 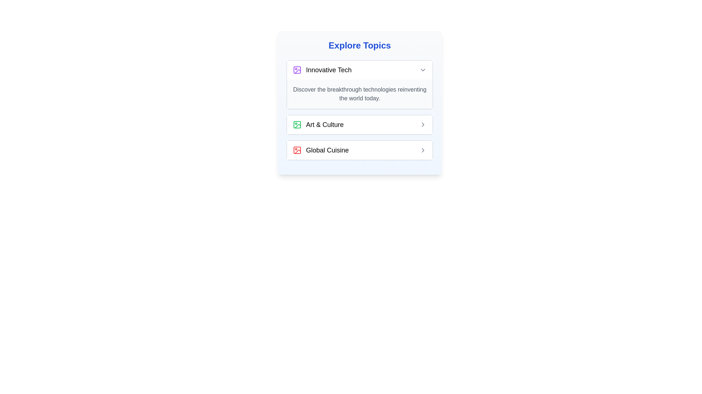 What do you see at coordinates (297, 124) in the screenshot?
I see `the graphical icon frame element located to the left of the 'Art & Culture' text on the second button in the list` at bounding box center [297, 124].